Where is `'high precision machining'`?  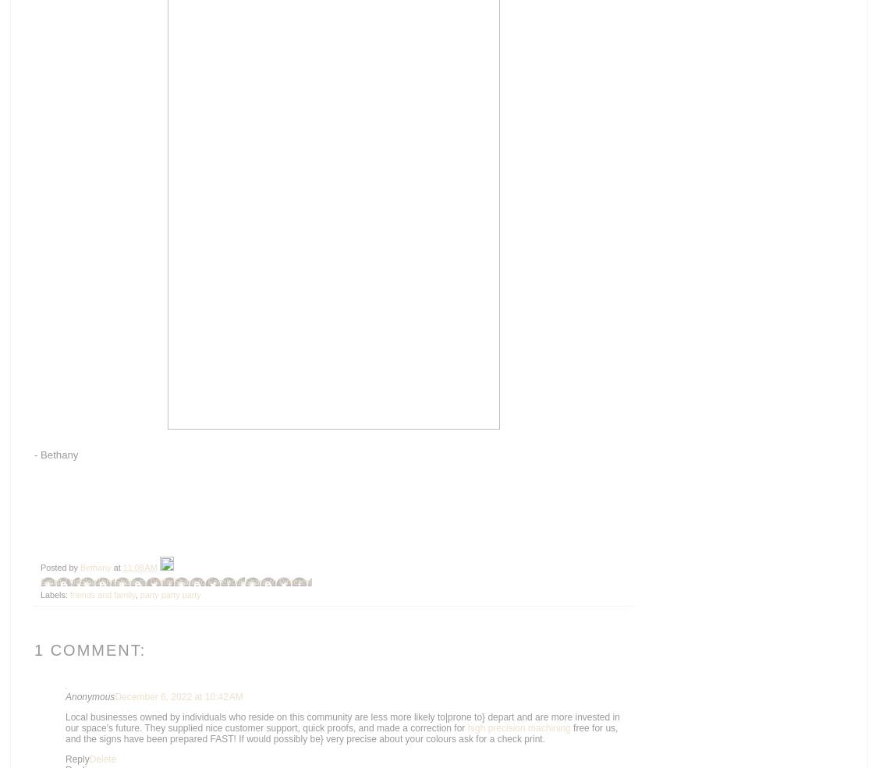
'high precision machining' is located at coordinates (467, 727).